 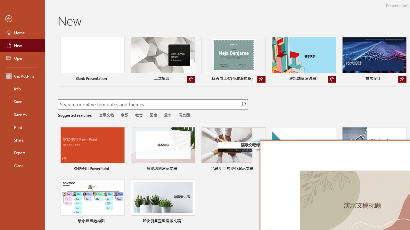 I want to click on 'Print', so click(x=22, y=127).